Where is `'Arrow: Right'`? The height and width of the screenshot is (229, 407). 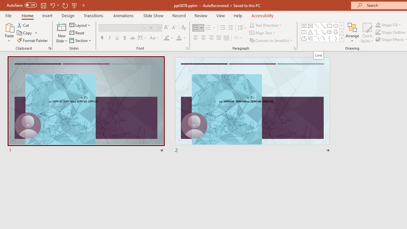
'Arrow: Right' is located at coordinates (329, 32).